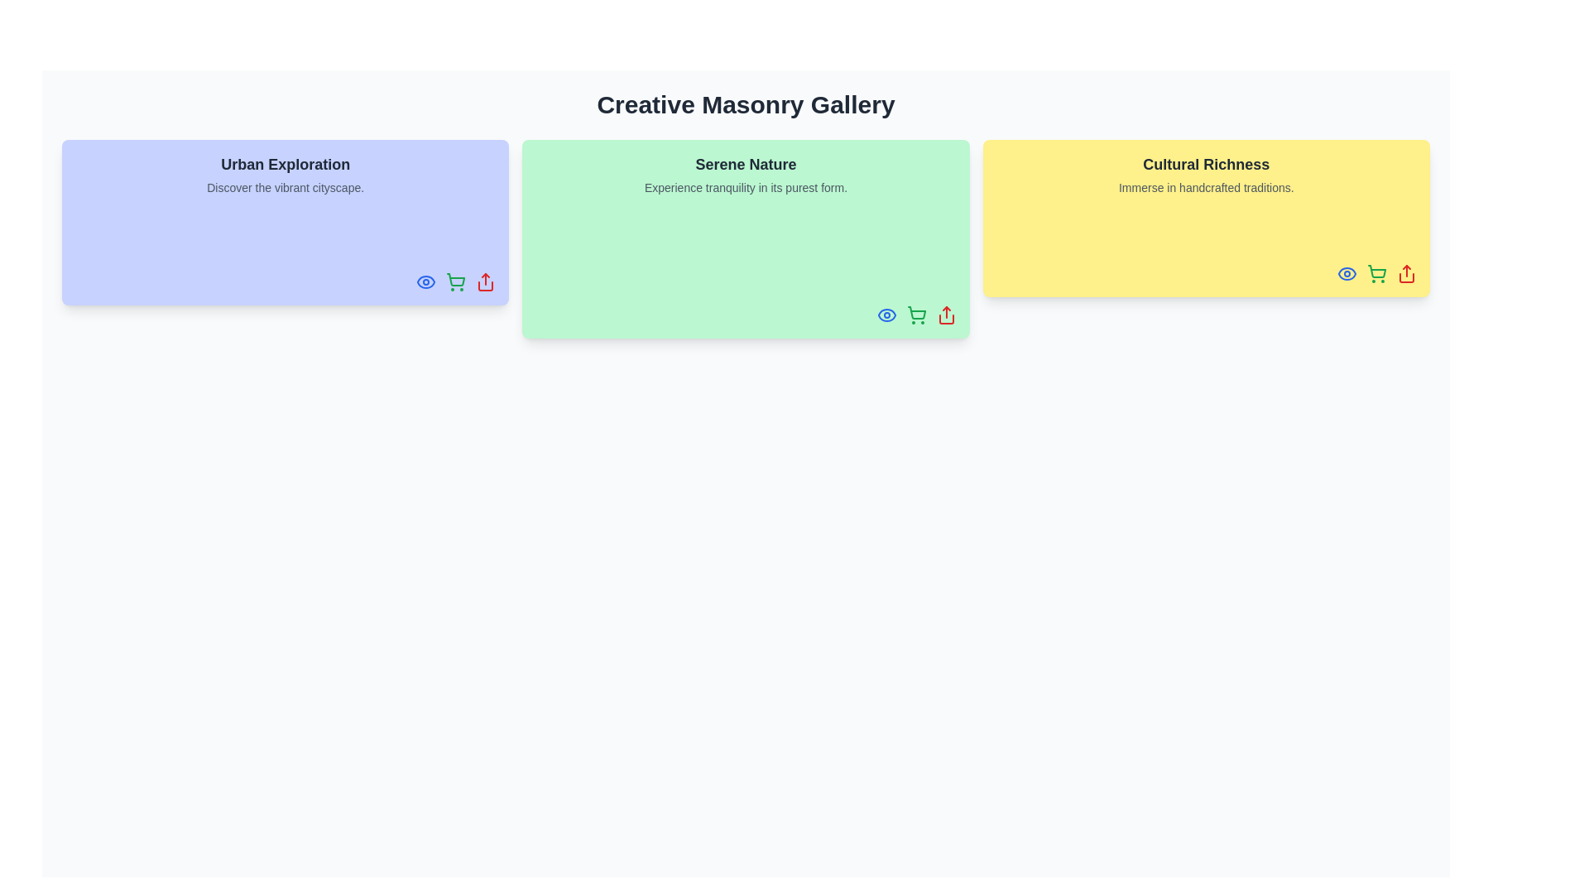 This screenshot has height=894, width=1589. I want to click on the eye-shaped icon button, which is blue and located at the bottom-right corner of the leftmost blue card titled 'Urban Exploration', to preview or view, so click(426, 281).